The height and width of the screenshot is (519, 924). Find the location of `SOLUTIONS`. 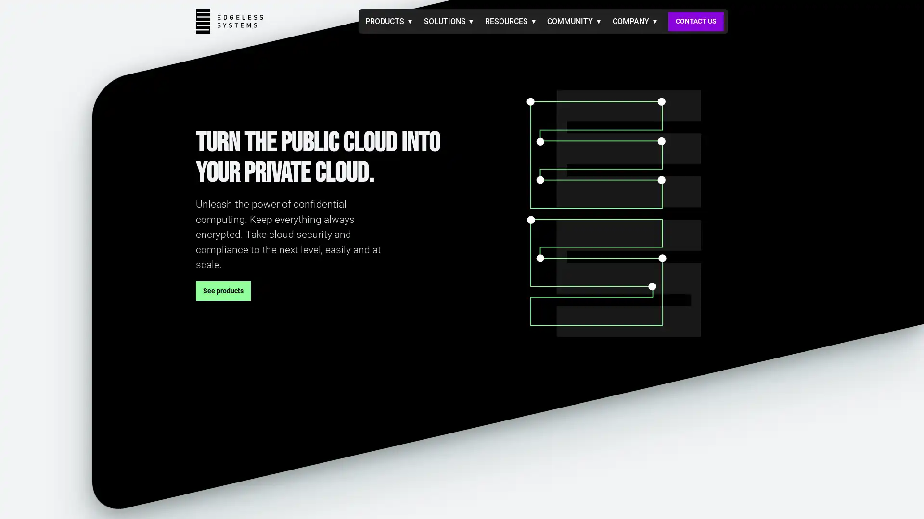

SOLUTIONS is located at coordinates (448, 21).